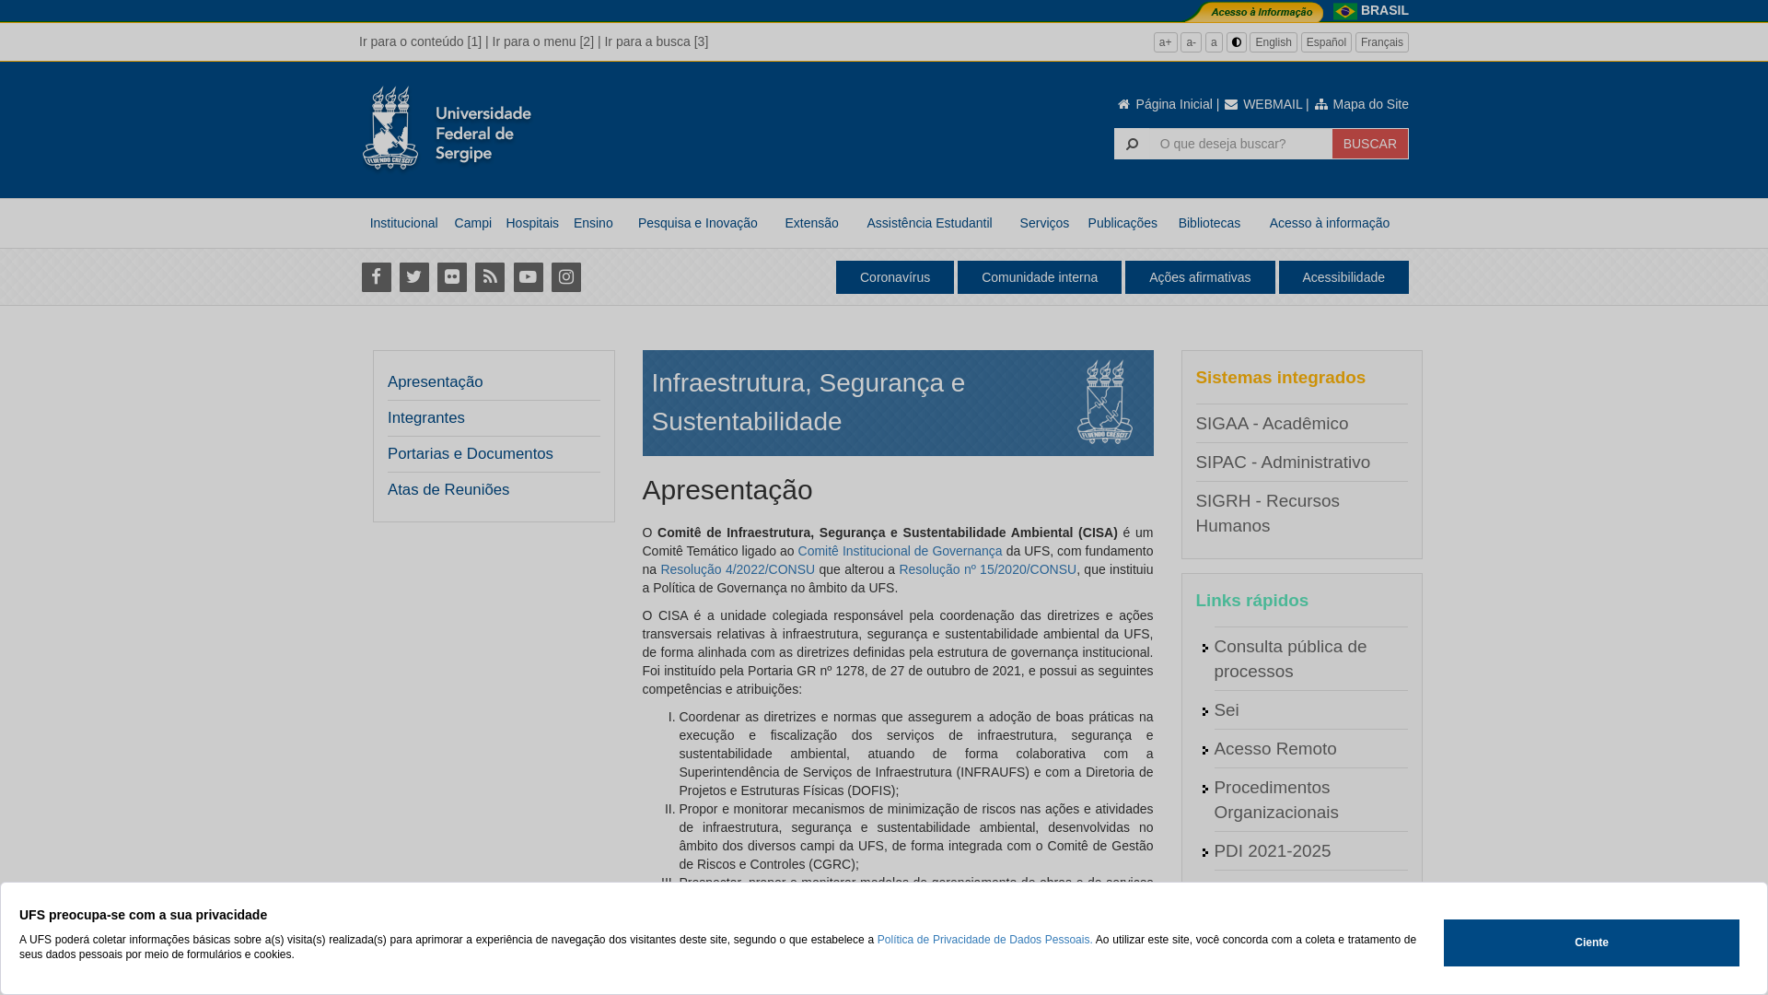 Image resolution: width=1768 pixels, height=995 pixels. I want to click on 'WEBMAIL', so click(1262, 103).